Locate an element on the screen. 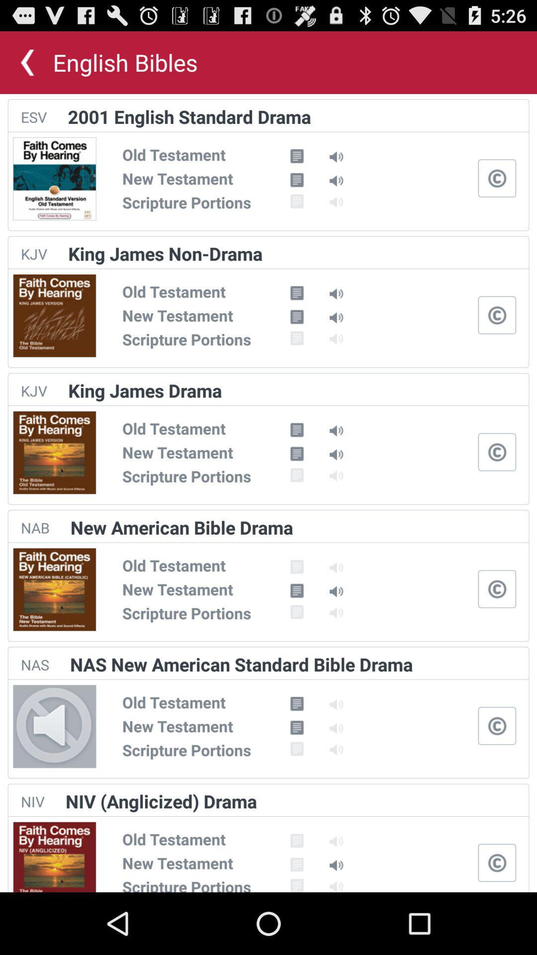 The height and width of the screenshot is (955, 537). the niv (anglicized) drama item is located at coordinates (161, 801).